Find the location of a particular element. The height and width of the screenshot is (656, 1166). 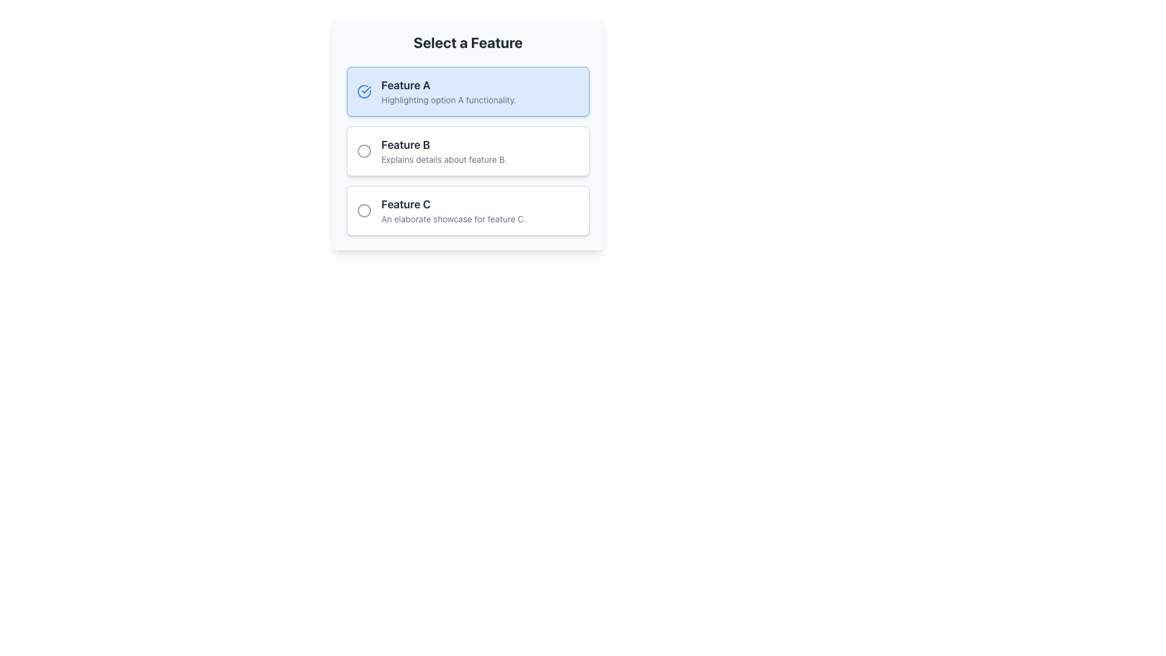

the 'Feature B' radio button option is located at coordinates (468, 151).